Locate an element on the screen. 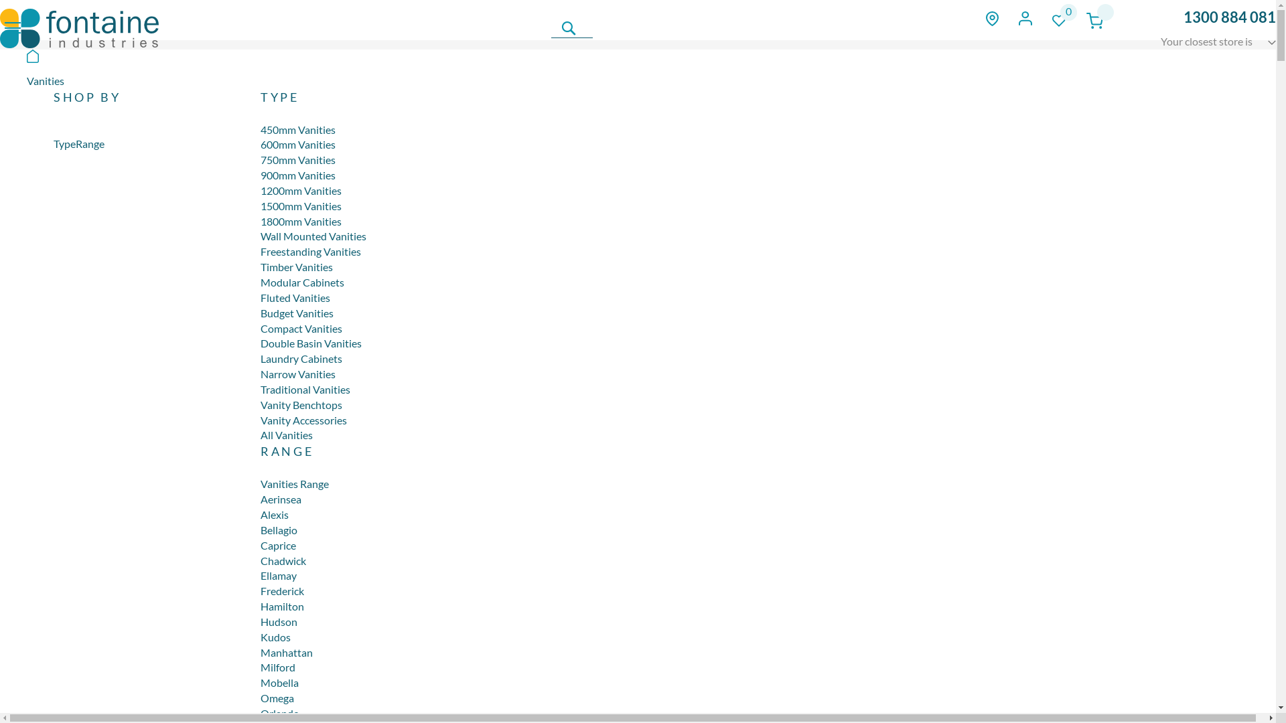 Image resolution: width=1286 pixels, height=723 pixels. 'My Cart' is located at coordinates (1094, 20).